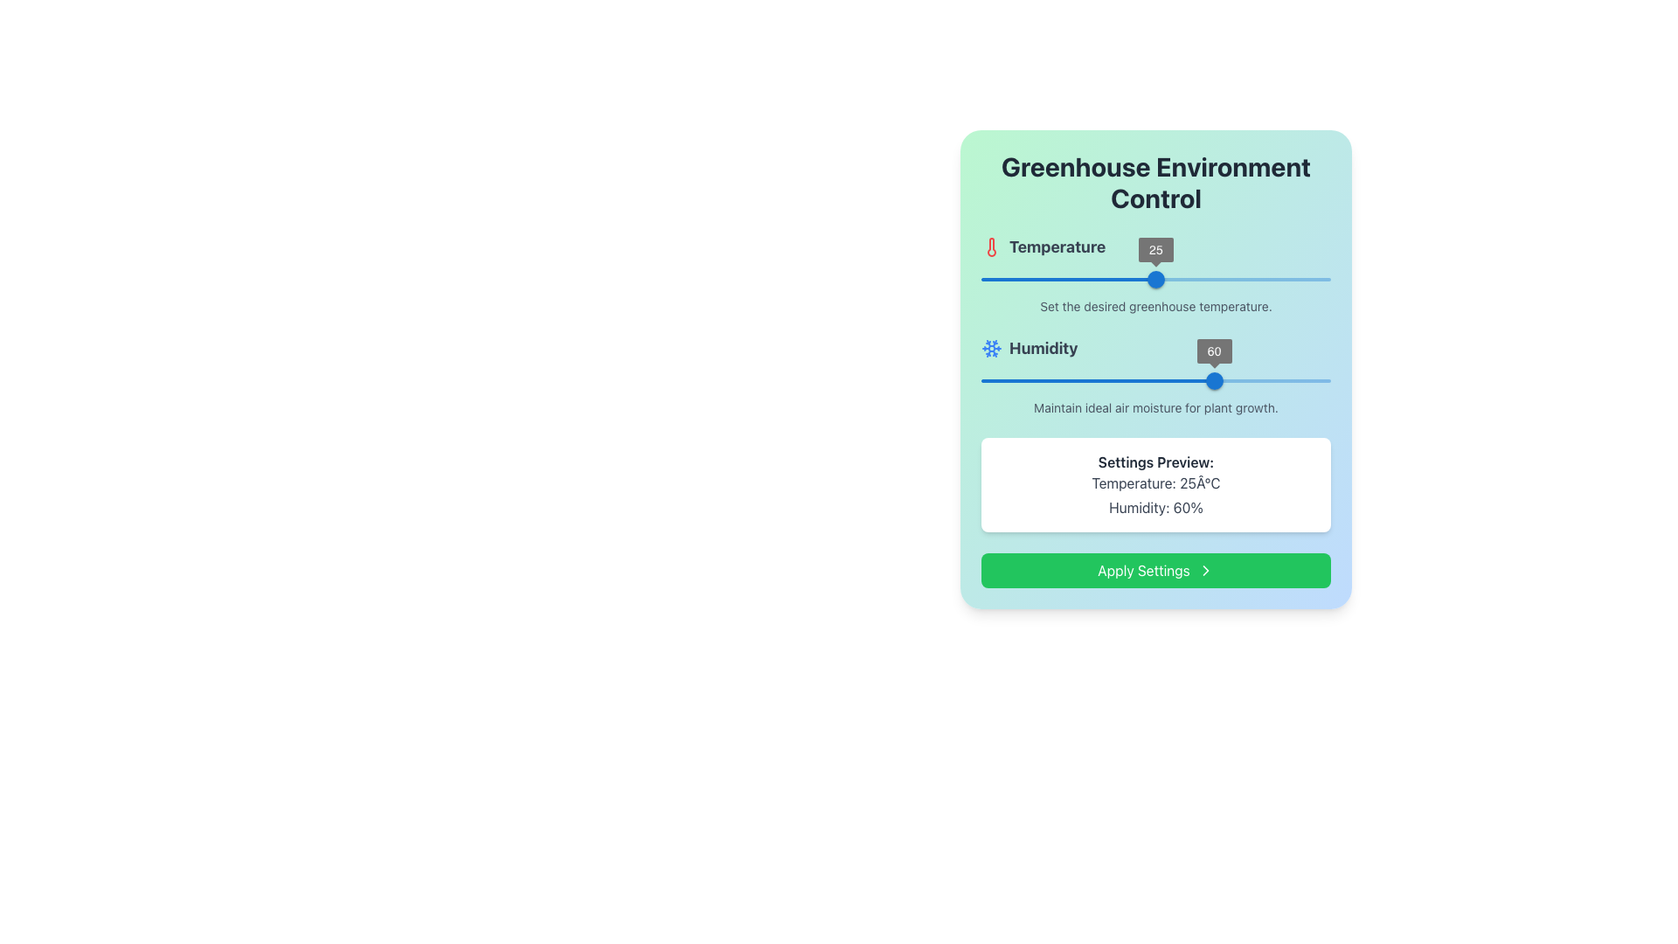 The height and width of the screenshot is (944, 1678). What do you see at coordinates (1156, 275) in the screenshot?
I see `the thermometer icon located in the 'Greenhouse Environment Control' panel to get additional information about the temperature setting` at bounding box center [1156, 275].